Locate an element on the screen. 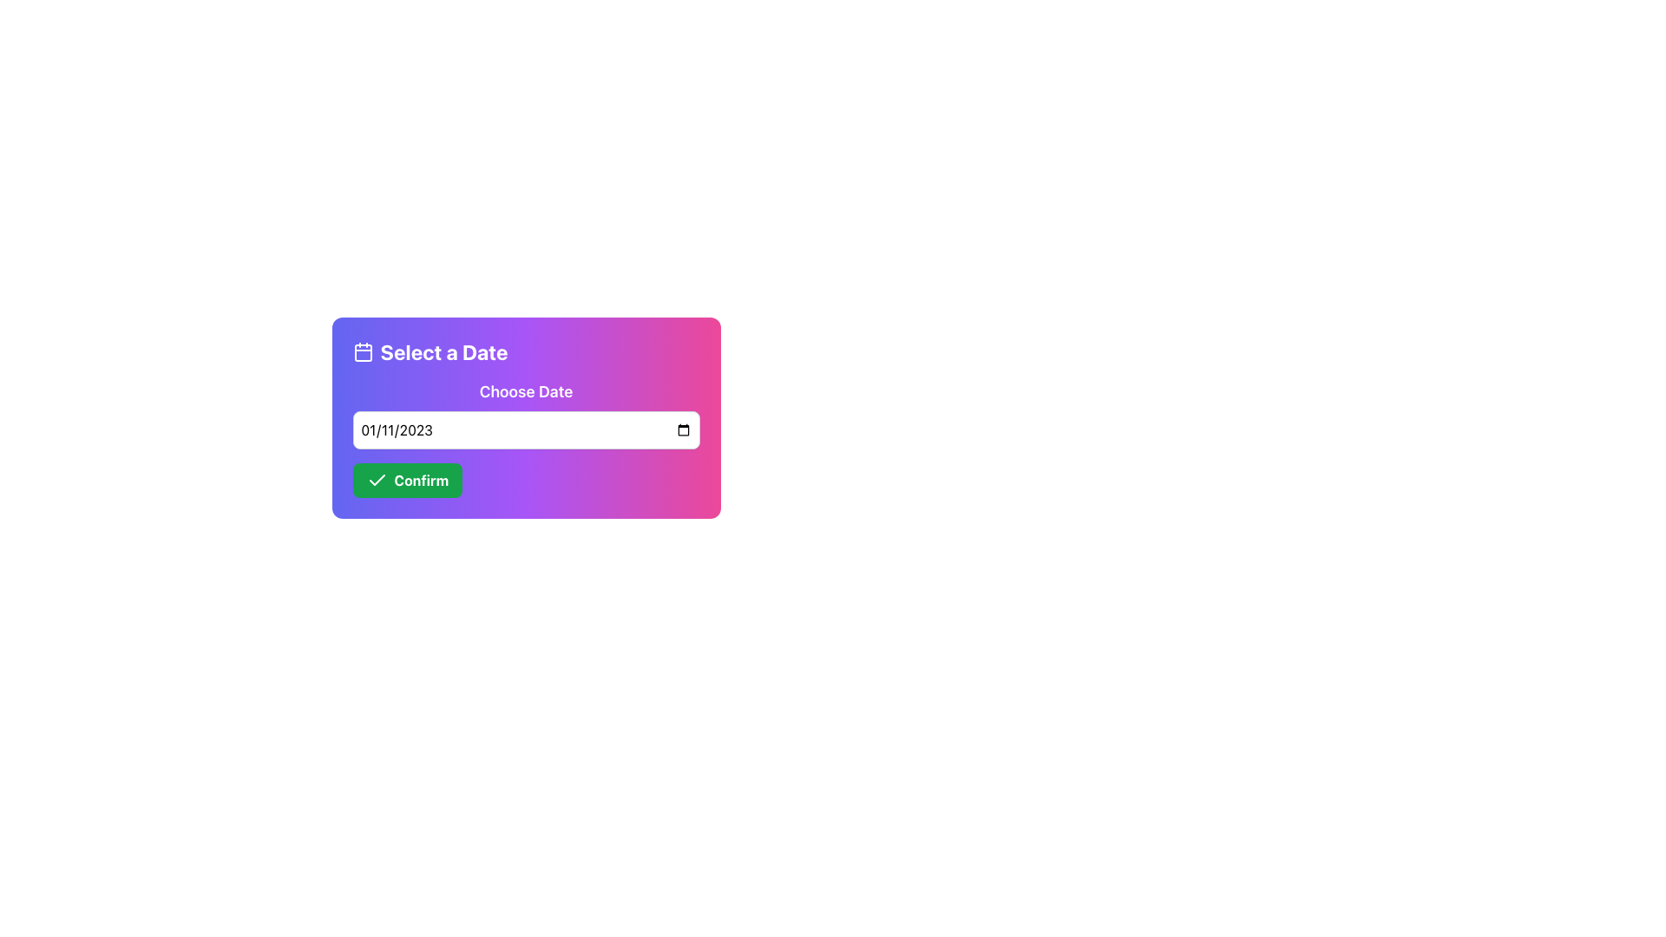 This screenshot has height=937, width=1666. the calendar icon located in the header section titled 'Select a Date', which is positioned to the left of the text is located at coordinates (362, 351).